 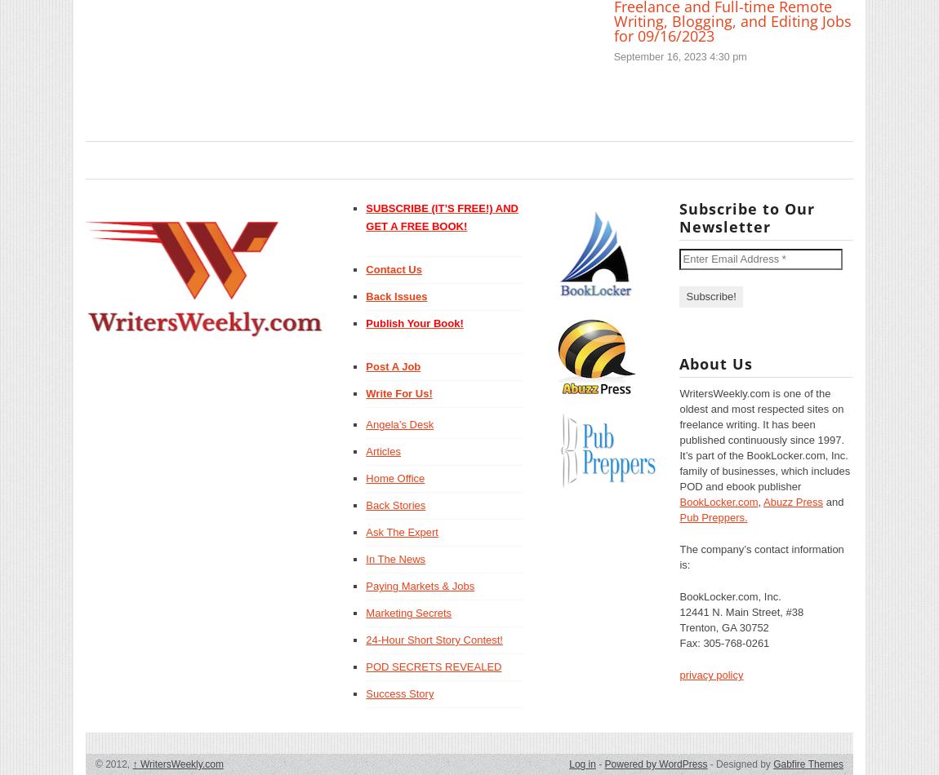 I want to click on 'Log in', so click(x=568, y=763).